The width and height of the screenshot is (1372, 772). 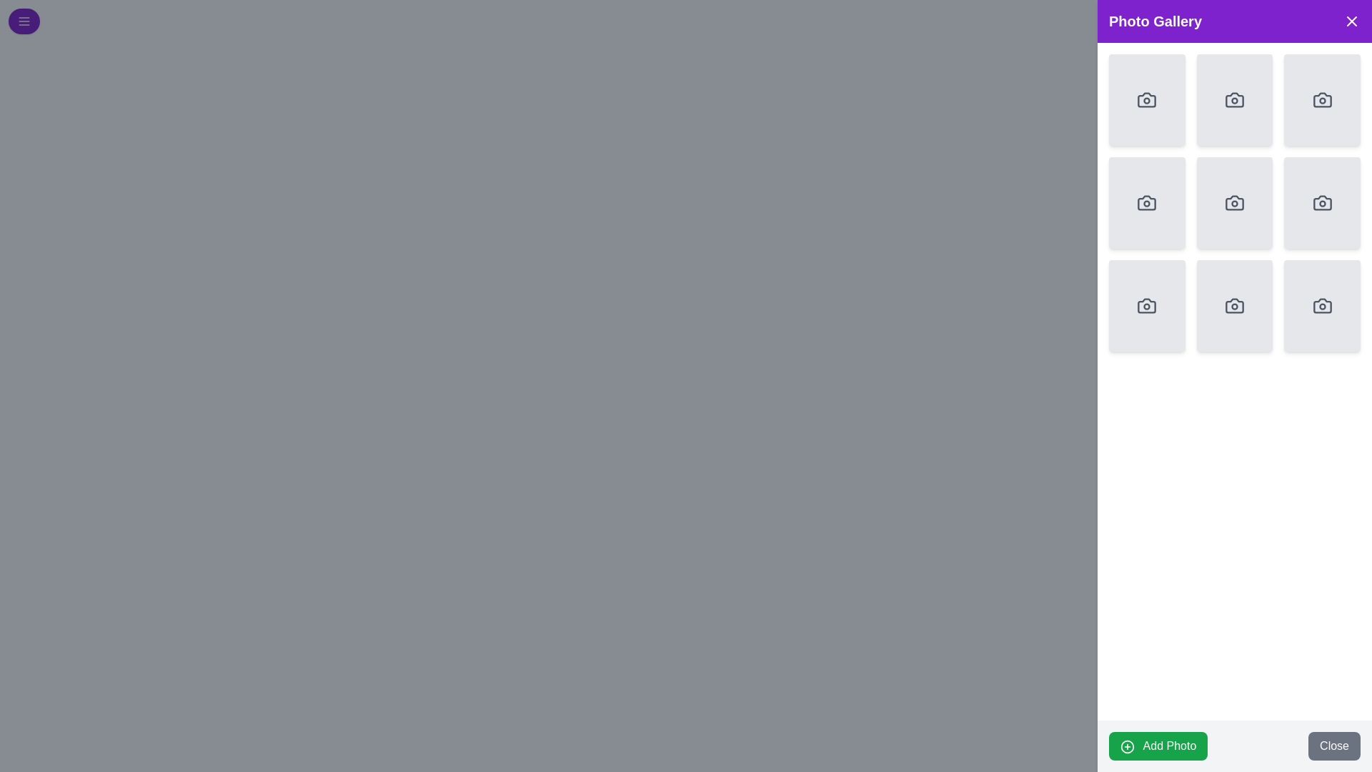 What do you see at coordinates (1155, 21) in the screenshot?
I see `the text label that serves as the header for the photo gallery section, located at the top-right of the interface` at bounding box center [1155, 21].